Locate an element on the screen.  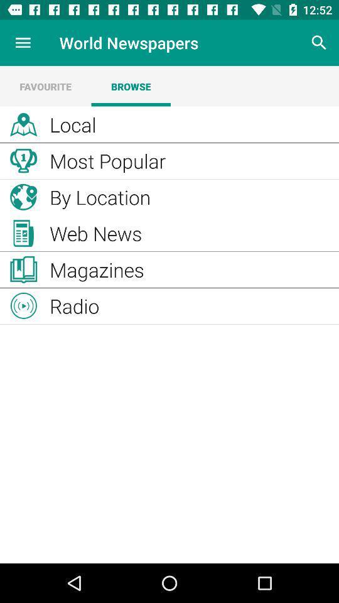
search bar is located at coordinates (319, 43).